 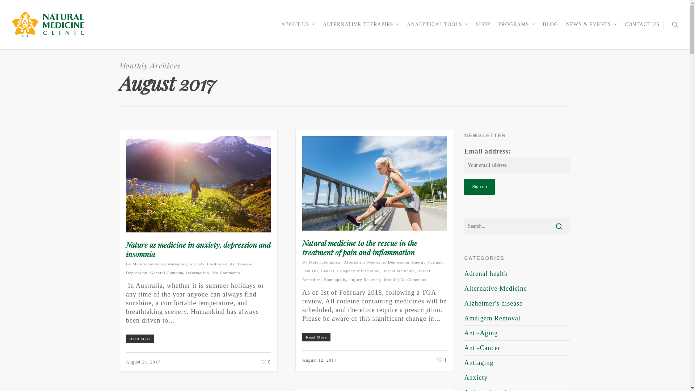 I want to click on 'General Company Information', so click(x=350, y=271).